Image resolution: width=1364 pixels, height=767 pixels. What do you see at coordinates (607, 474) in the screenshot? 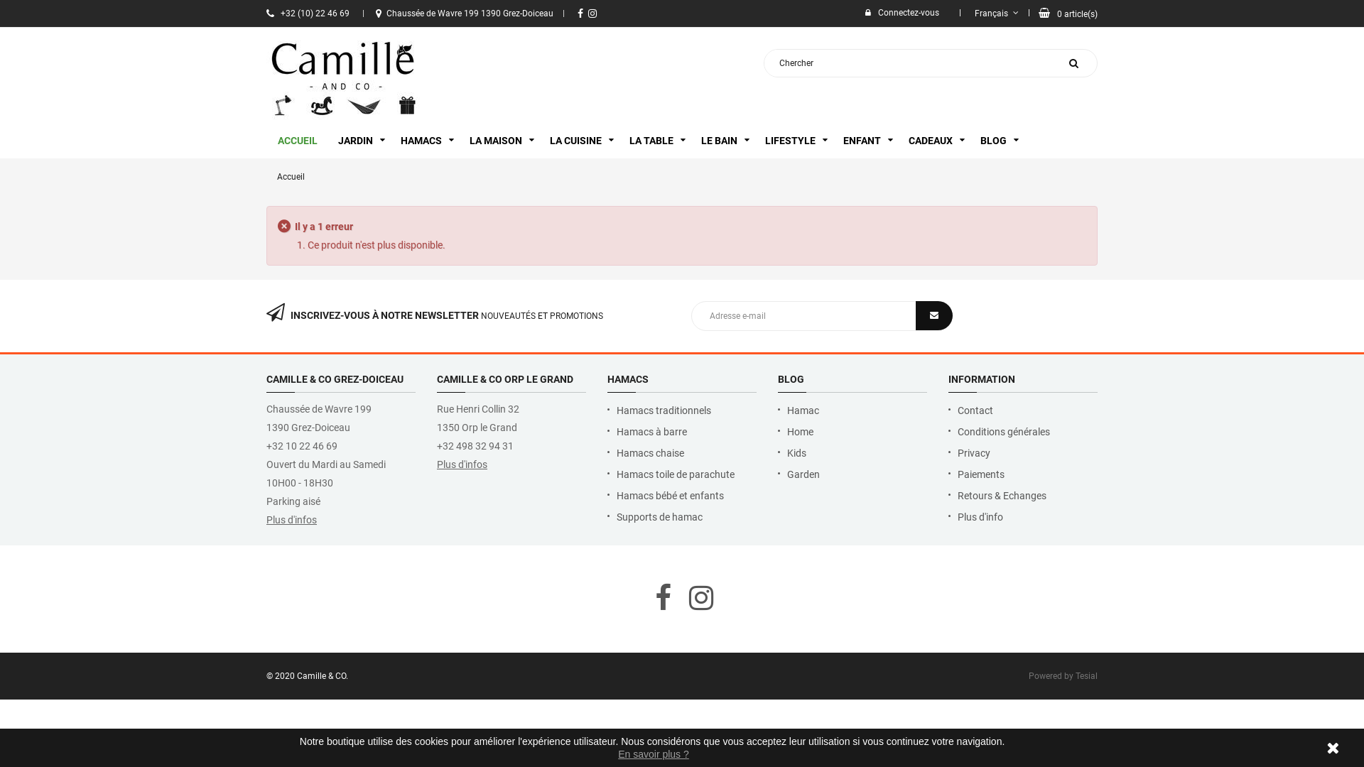
I see `'Hamacs toile de parachute'` at bounding box center [607, 474].